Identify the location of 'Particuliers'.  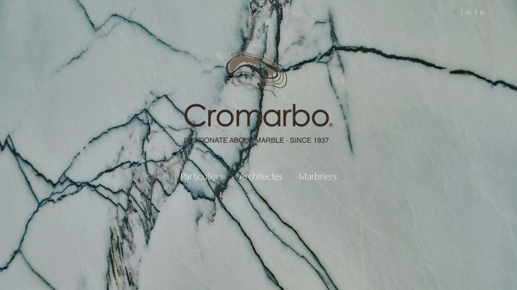
(180, 176).